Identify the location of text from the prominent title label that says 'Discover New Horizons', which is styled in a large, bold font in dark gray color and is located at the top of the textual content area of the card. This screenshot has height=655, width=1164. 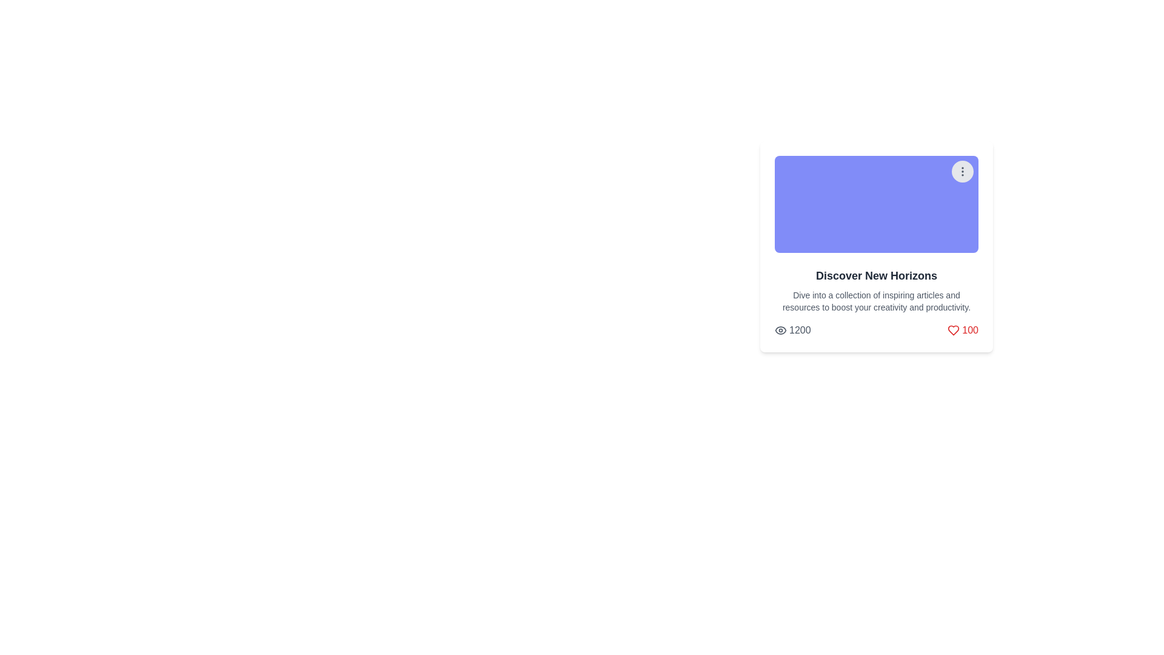
(876, 276).